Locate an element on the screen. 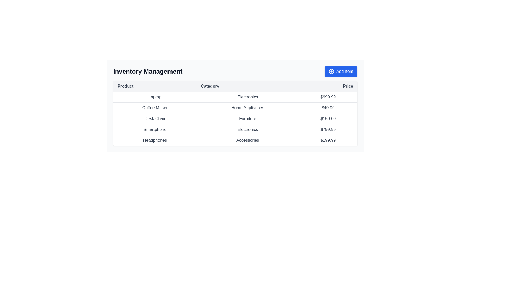 The image size is (508, 285). the circular blue and white icon with a plus sign, located at the left end of the 'Add Item' button in the top-right corner of the interface is located at coordinates (331, 71).